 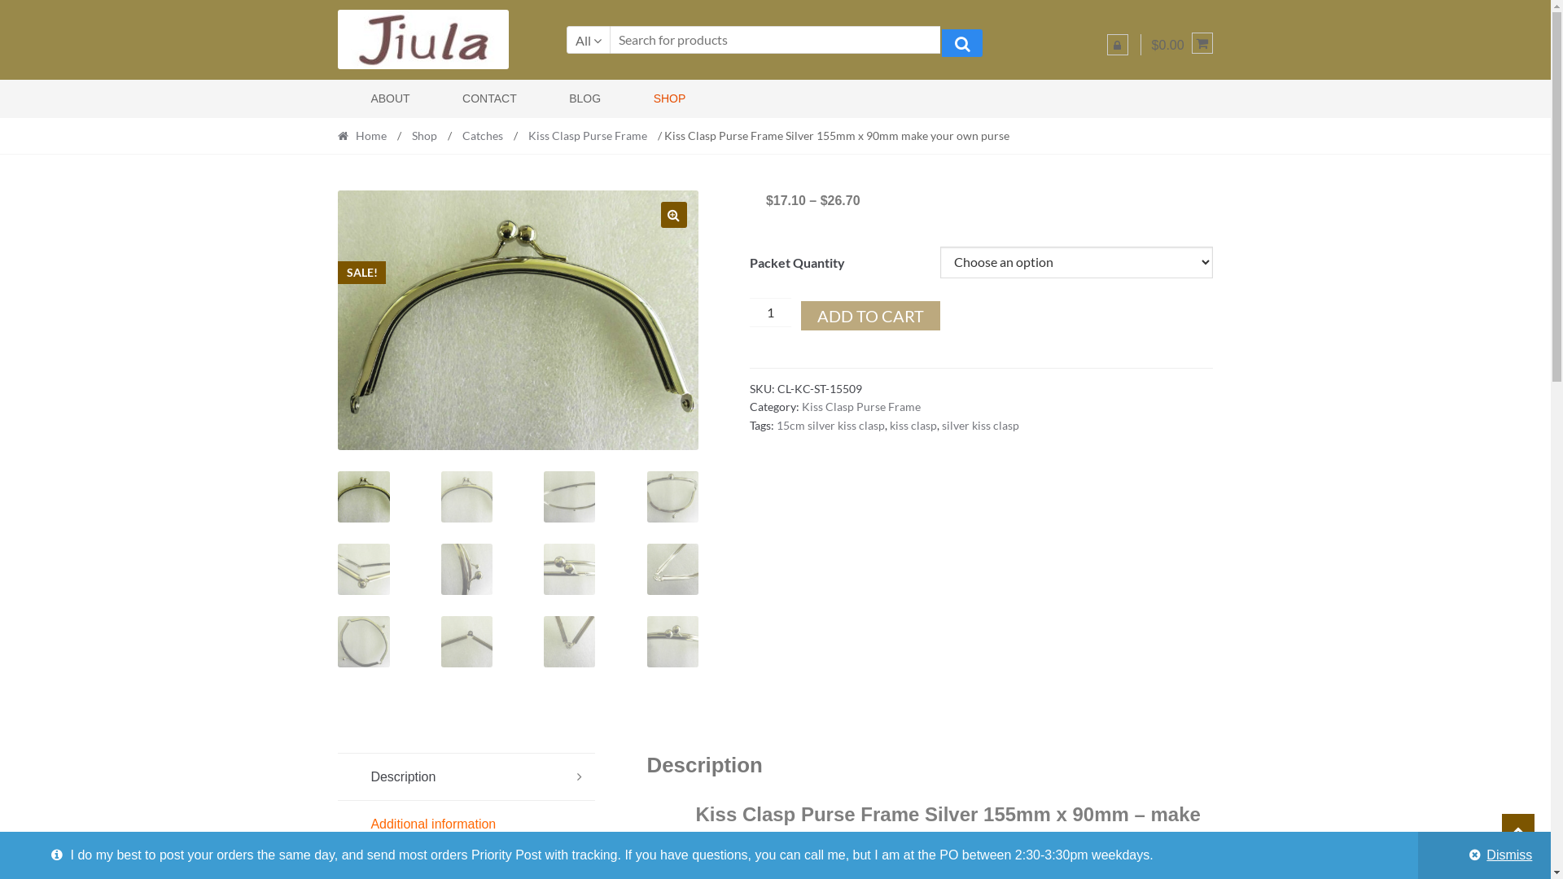 What do you see at coordinates (424, 134) in the screenshot?
I see `'Shop'` at bounding box center [424, 134].